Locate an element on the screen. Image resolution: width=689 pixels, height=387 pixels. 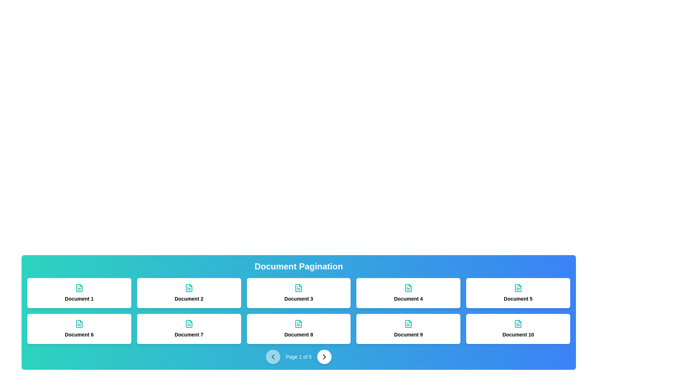
the static informational text displaying the current page number and total pages in the pagination system to read its content is located at coordinates (299, 357).